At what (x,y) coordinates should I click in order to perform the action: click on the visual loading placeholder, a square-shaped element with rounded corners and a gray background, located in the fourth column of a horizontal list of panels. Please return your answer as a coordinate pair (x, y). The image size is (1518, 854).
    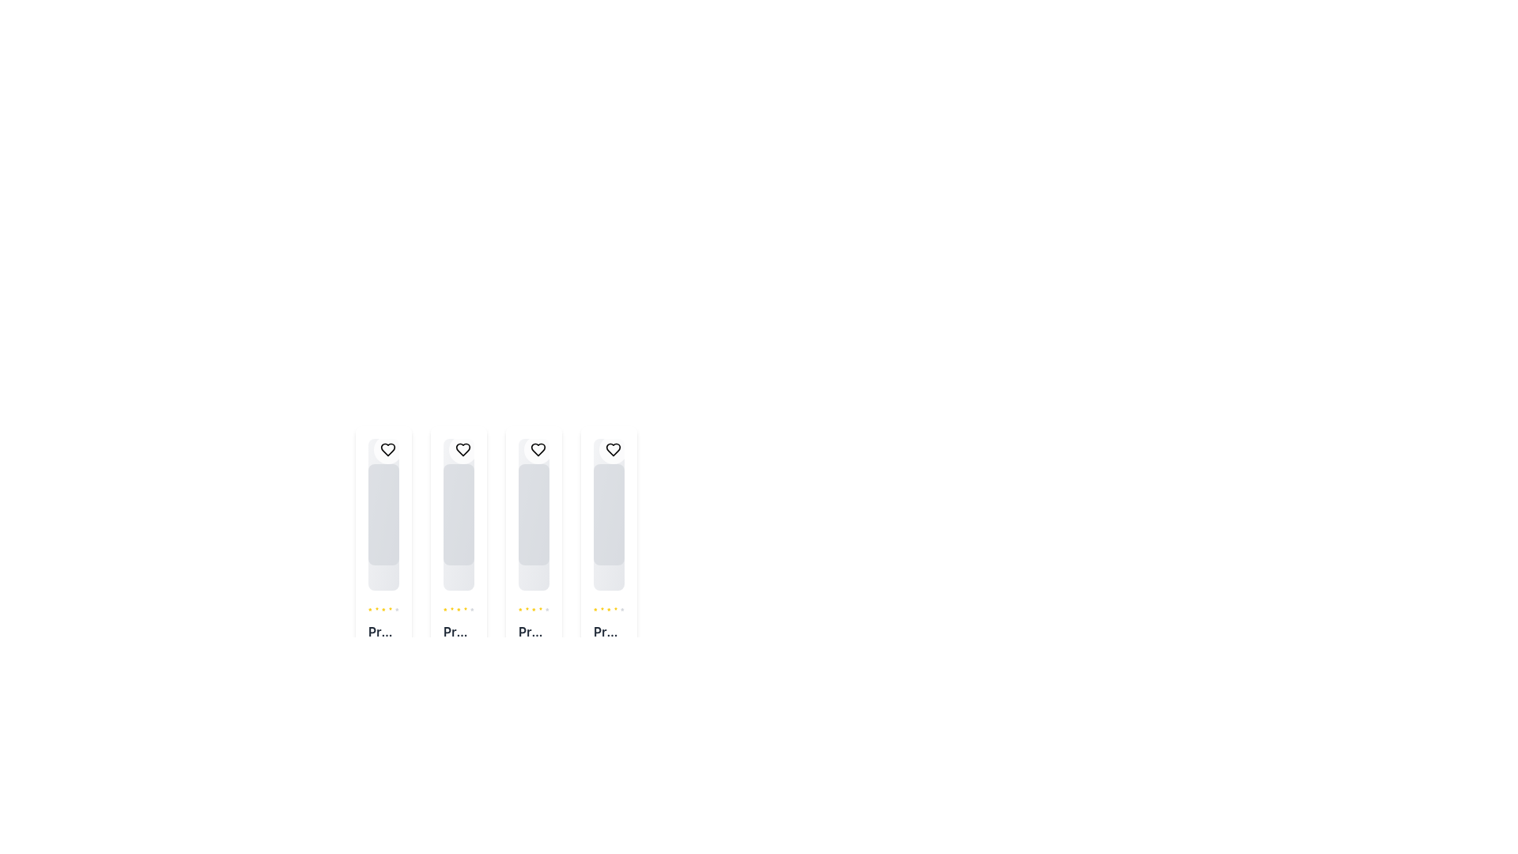
    Looking at the image, I should click on (608, 515).